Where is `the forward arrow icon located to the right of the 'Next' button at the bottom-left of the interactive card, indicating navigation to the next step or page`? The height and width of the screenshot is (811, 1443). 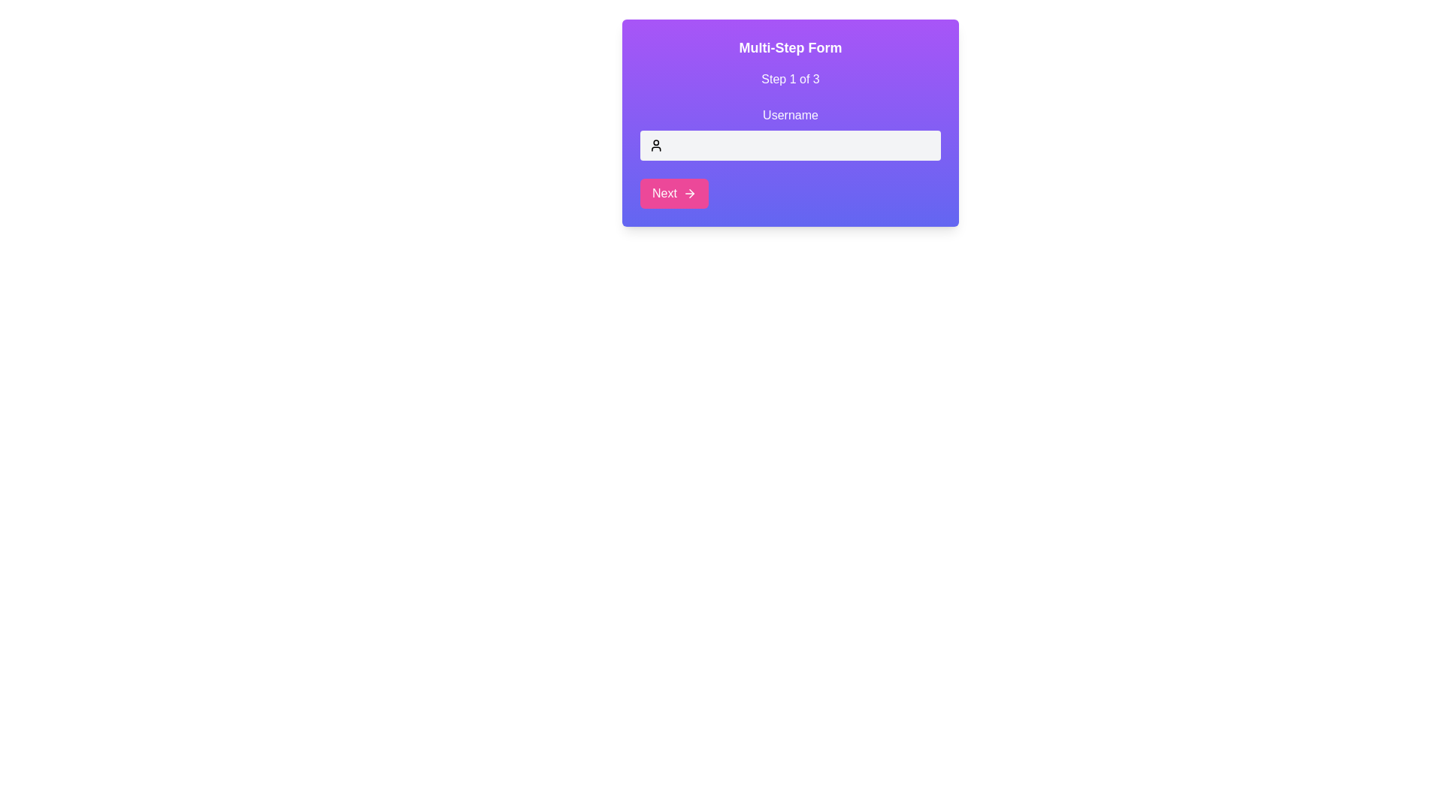 the forward arrow icon located to the right of the 'Next' button at the bottom-left of the interactive card, indicating navigation to the next step or page is located at coordinates (691, 193).